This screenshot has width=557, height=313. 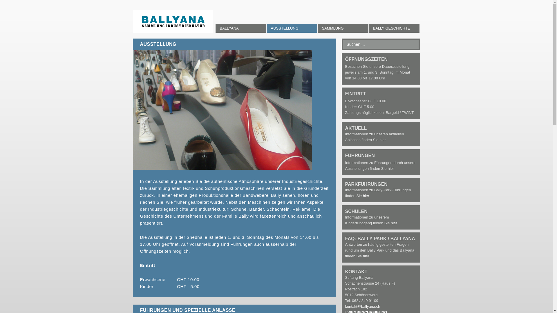 What do you see at coordinates (362, 306) in the screenshot?
I see `'kontakt@ballyana.ch'` at bounding box center [362, 306].